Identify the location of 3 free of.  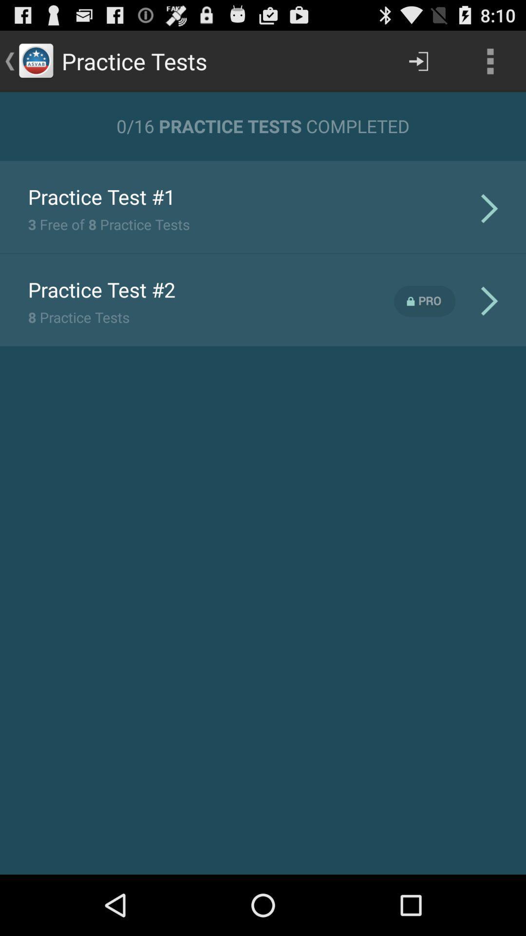
(109, 224).